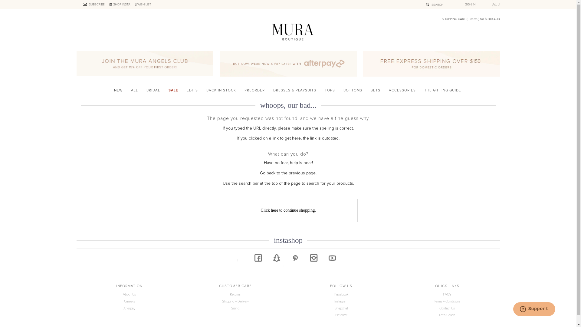  What do you see at coordinates (231, 308) in the screenshot?
I see `'Sizing'` at bounding box center [231, 308].